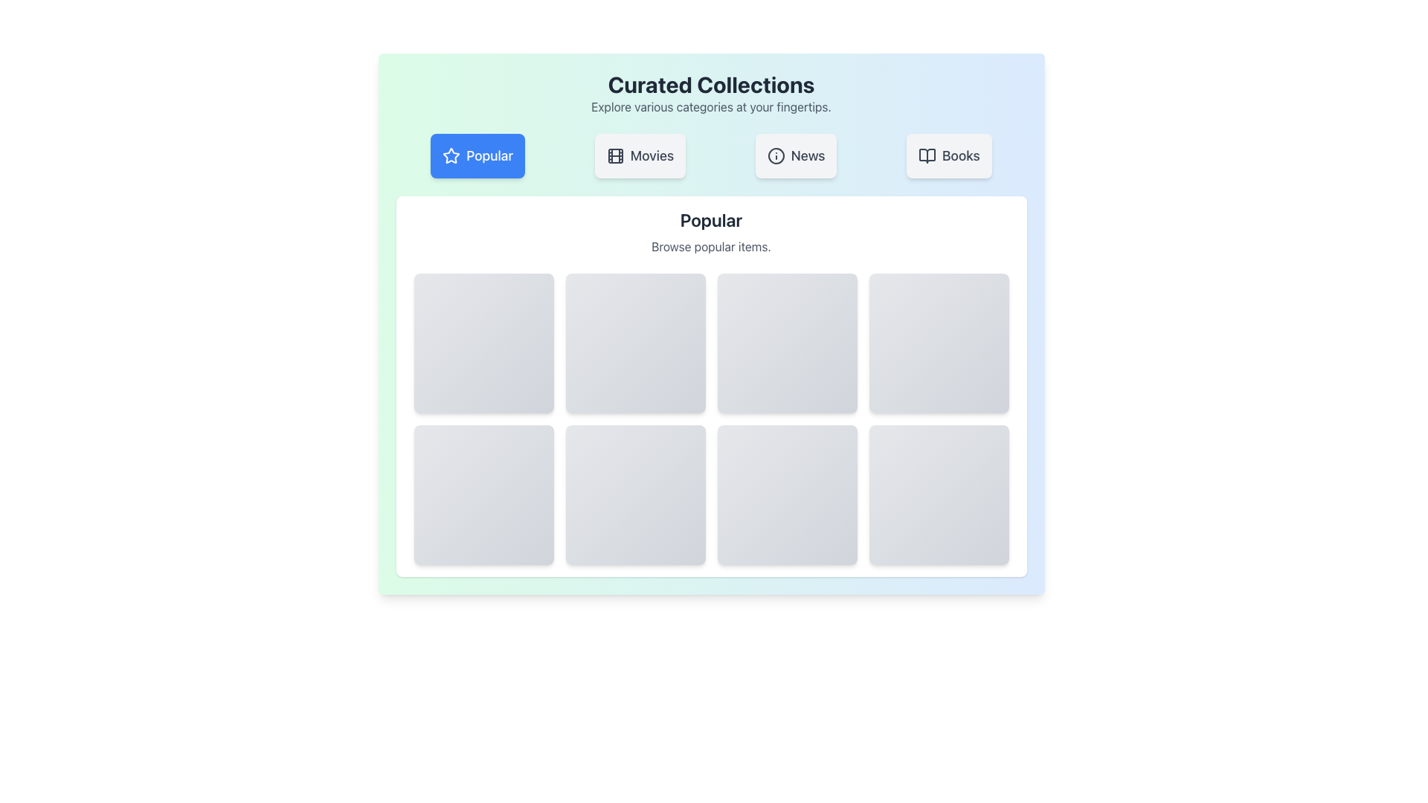 This screenshot has width=1428, height=803. What do you see at coordinates (961, 155) in the screenshot?
I see `the 'Books' label in the navigation section` at bounding box center [961, 155].